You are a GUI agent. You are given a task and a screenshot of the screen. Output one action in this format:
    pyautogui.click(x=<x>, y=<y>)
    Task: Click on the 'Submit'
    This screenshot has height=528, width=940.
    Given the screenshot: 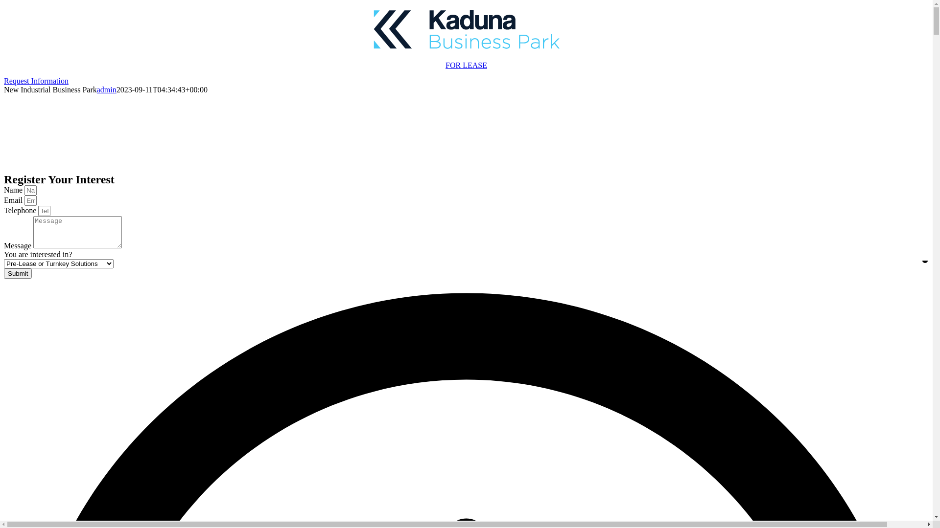 What is the action you would take?
    pyautogui.click(x=18, y=273)
    